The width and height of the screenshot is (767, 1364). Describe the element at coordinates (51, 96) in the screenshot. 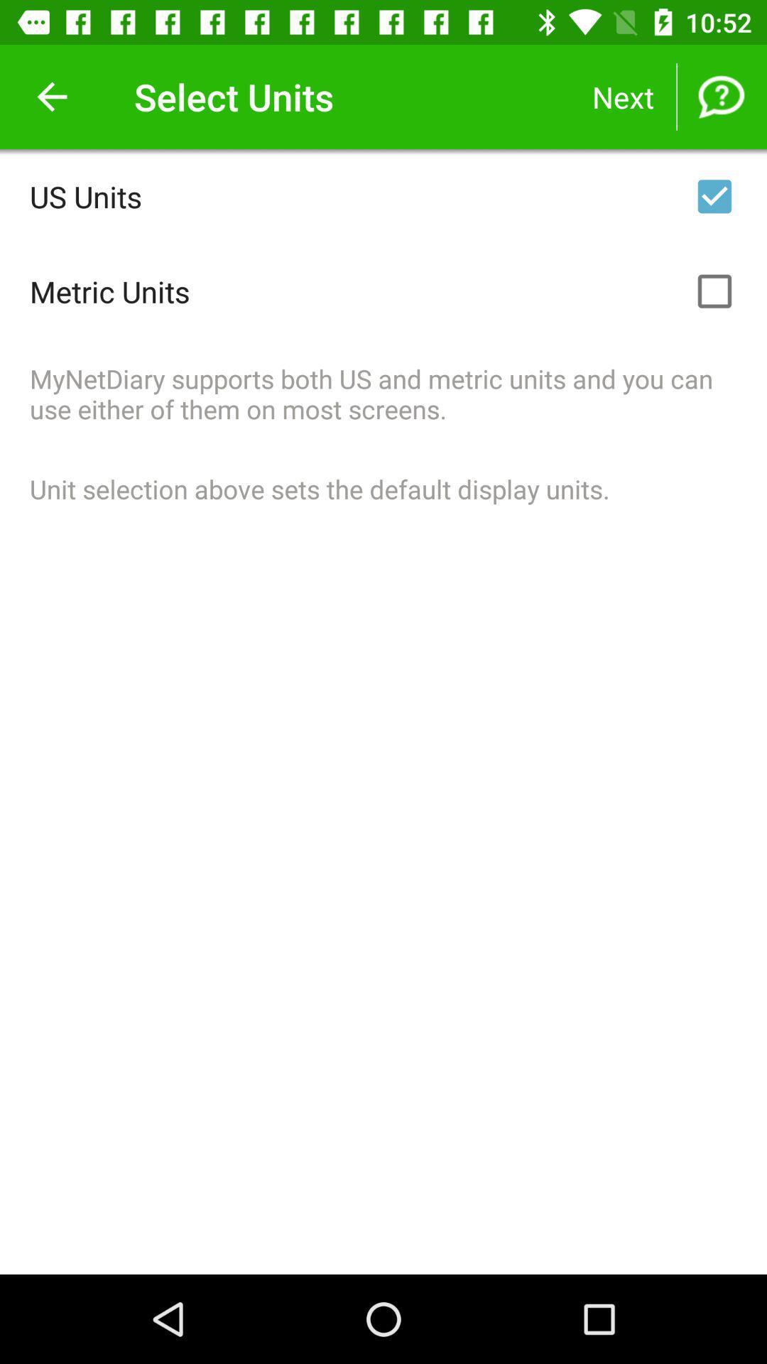

I see `icon to the left of the select units icon` at that location.